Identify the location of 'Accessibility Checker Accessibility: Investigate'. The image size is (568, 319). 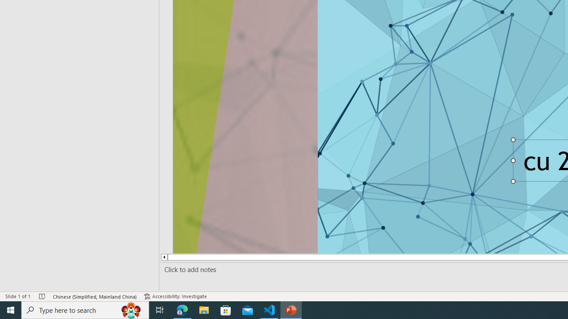
(176, 296).